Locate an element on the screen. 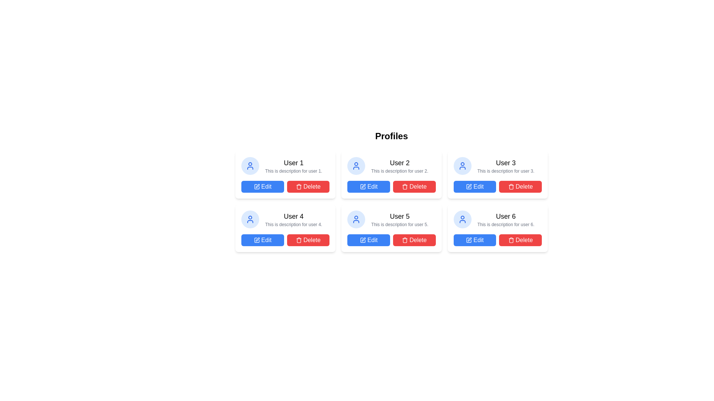  text display component showing 'User 3' and its description below it, which is part of the profile entries in the grid layout is located at coordinates (498, 166).